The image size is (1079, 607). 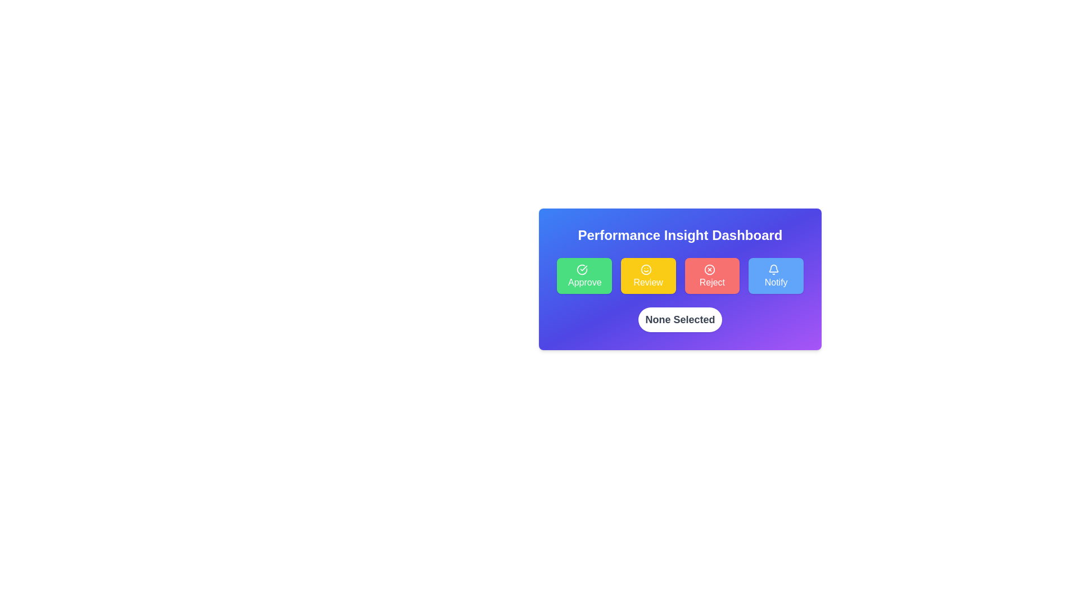 What do you see at coordinates (646, 269) in the screenshot?
I see `circular vector graphic component that is the primary circumscribed circle of the smiley face icon in the toolbar` at bounding box center [646, 269].